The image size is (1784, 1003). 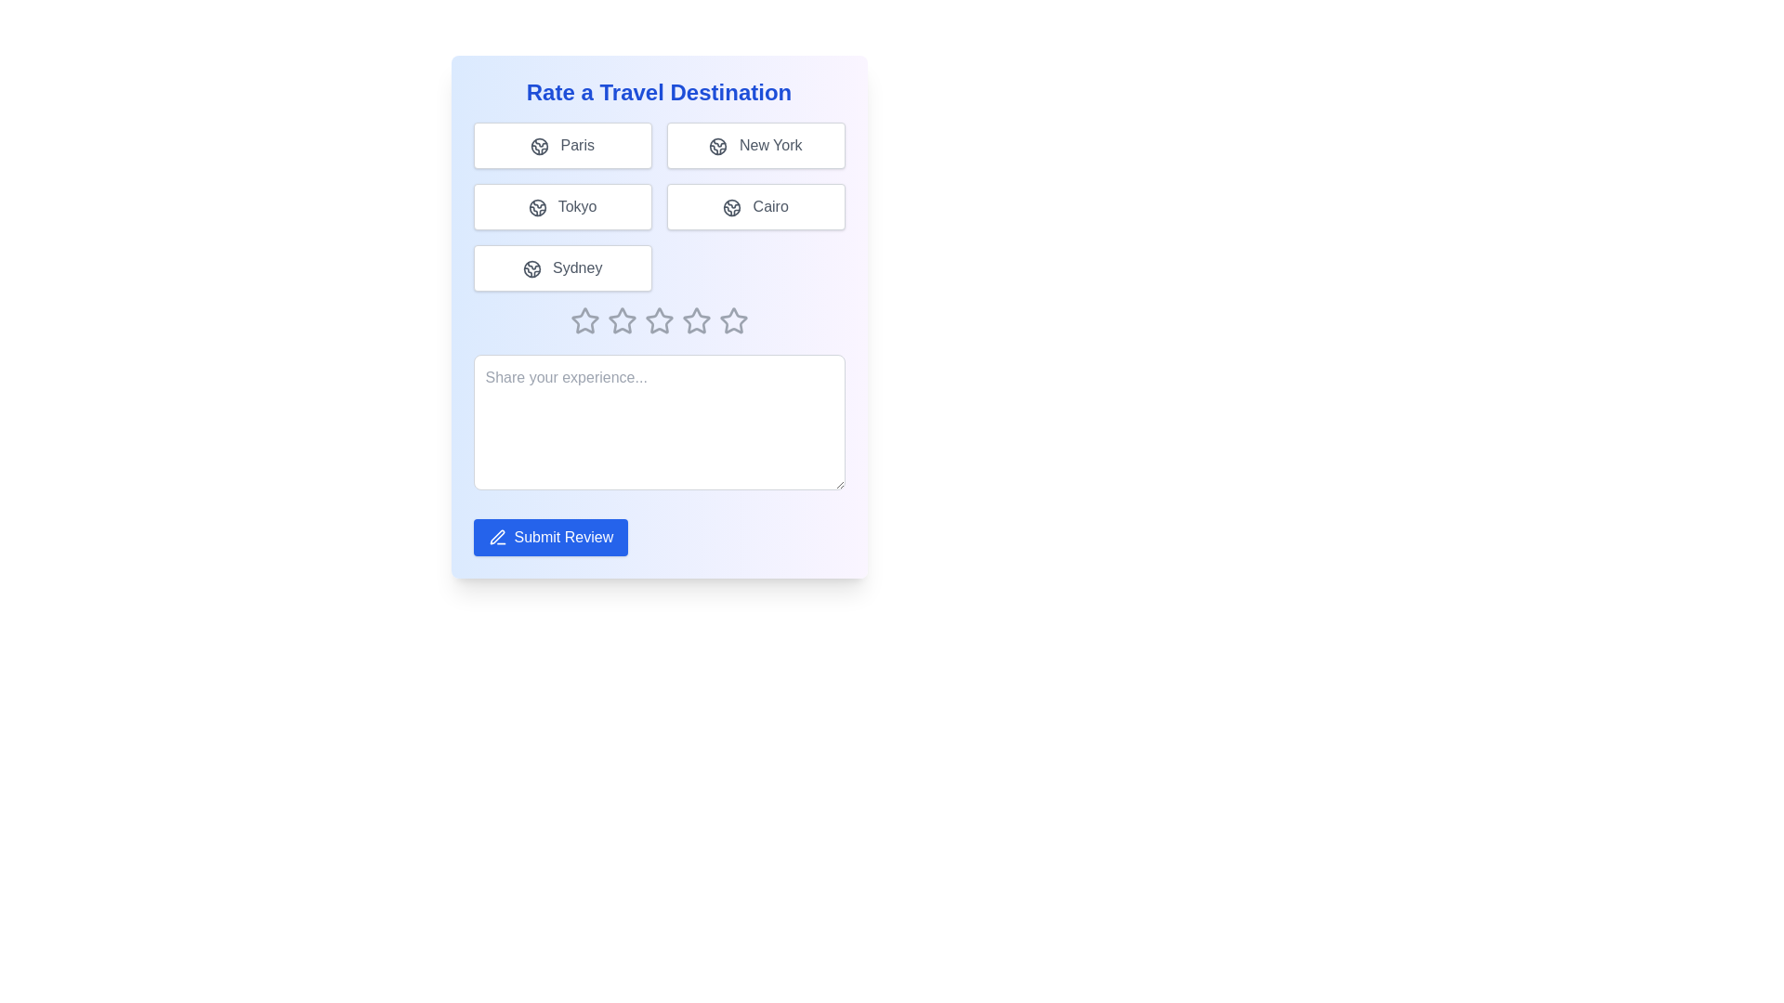 I want to click on the circular globe icon that is part of the 'Cairo' button in the grid layout, so click(x=731, y=207).